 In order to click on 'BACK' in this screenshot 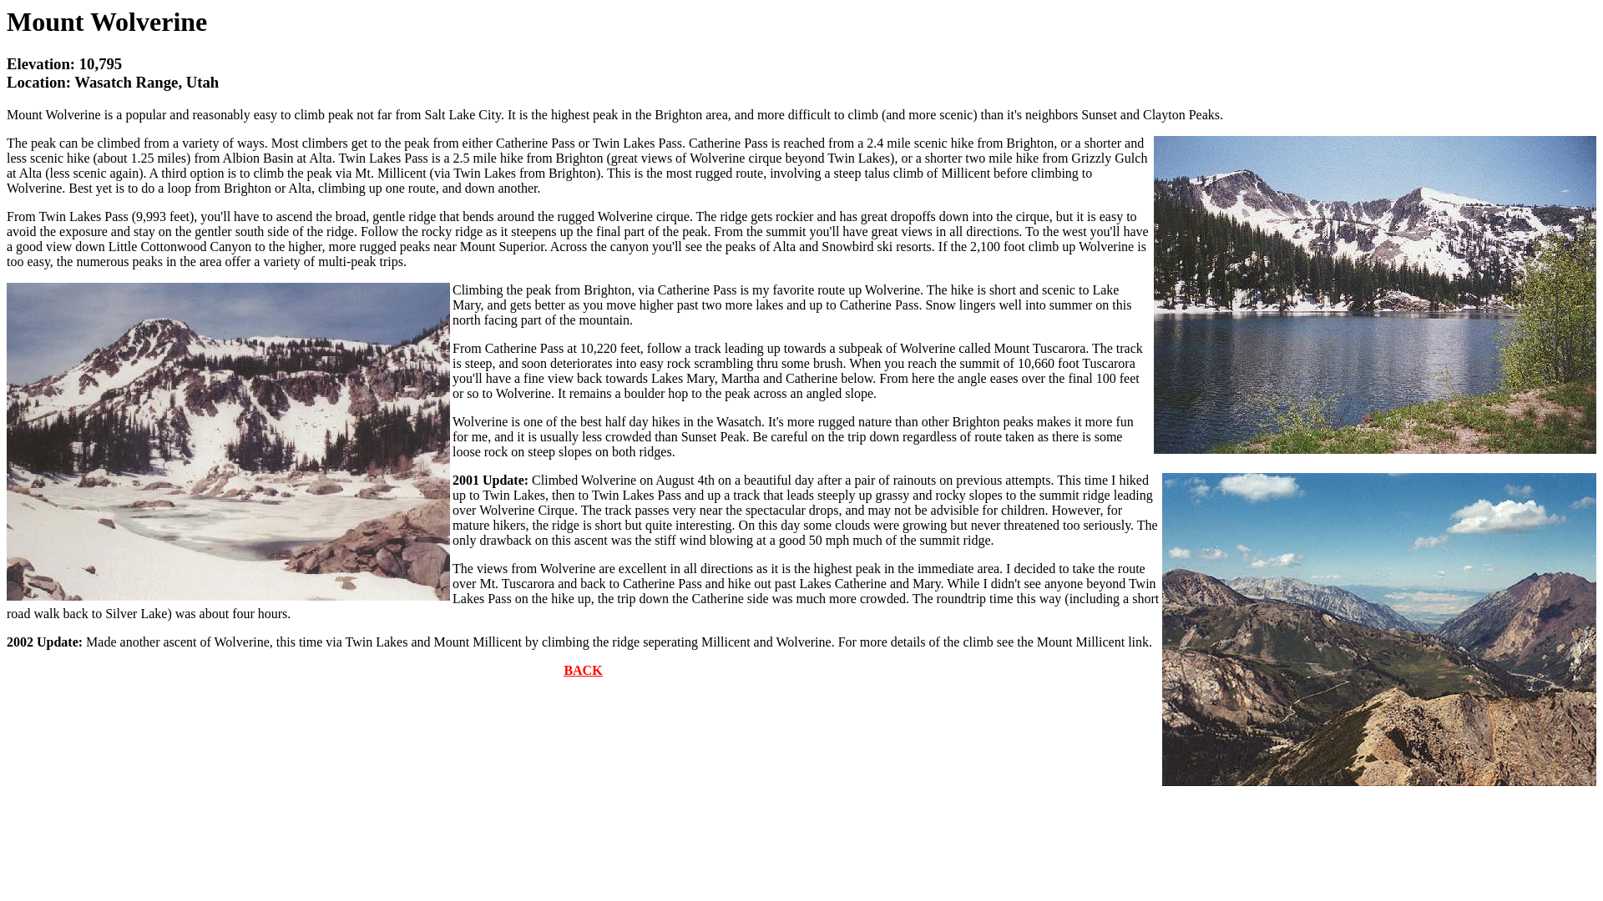, I will do `click(582, 669)`.